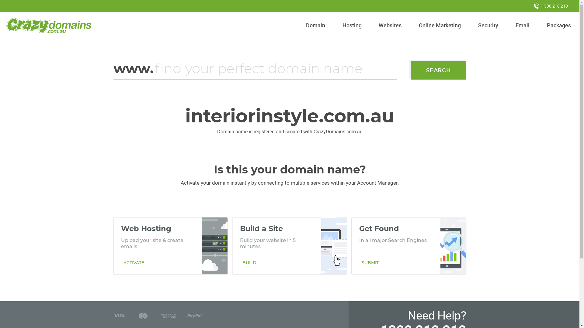 The width and height of the screenshot is (584, 328). I want to click on 'Packages', so click(559, 25).